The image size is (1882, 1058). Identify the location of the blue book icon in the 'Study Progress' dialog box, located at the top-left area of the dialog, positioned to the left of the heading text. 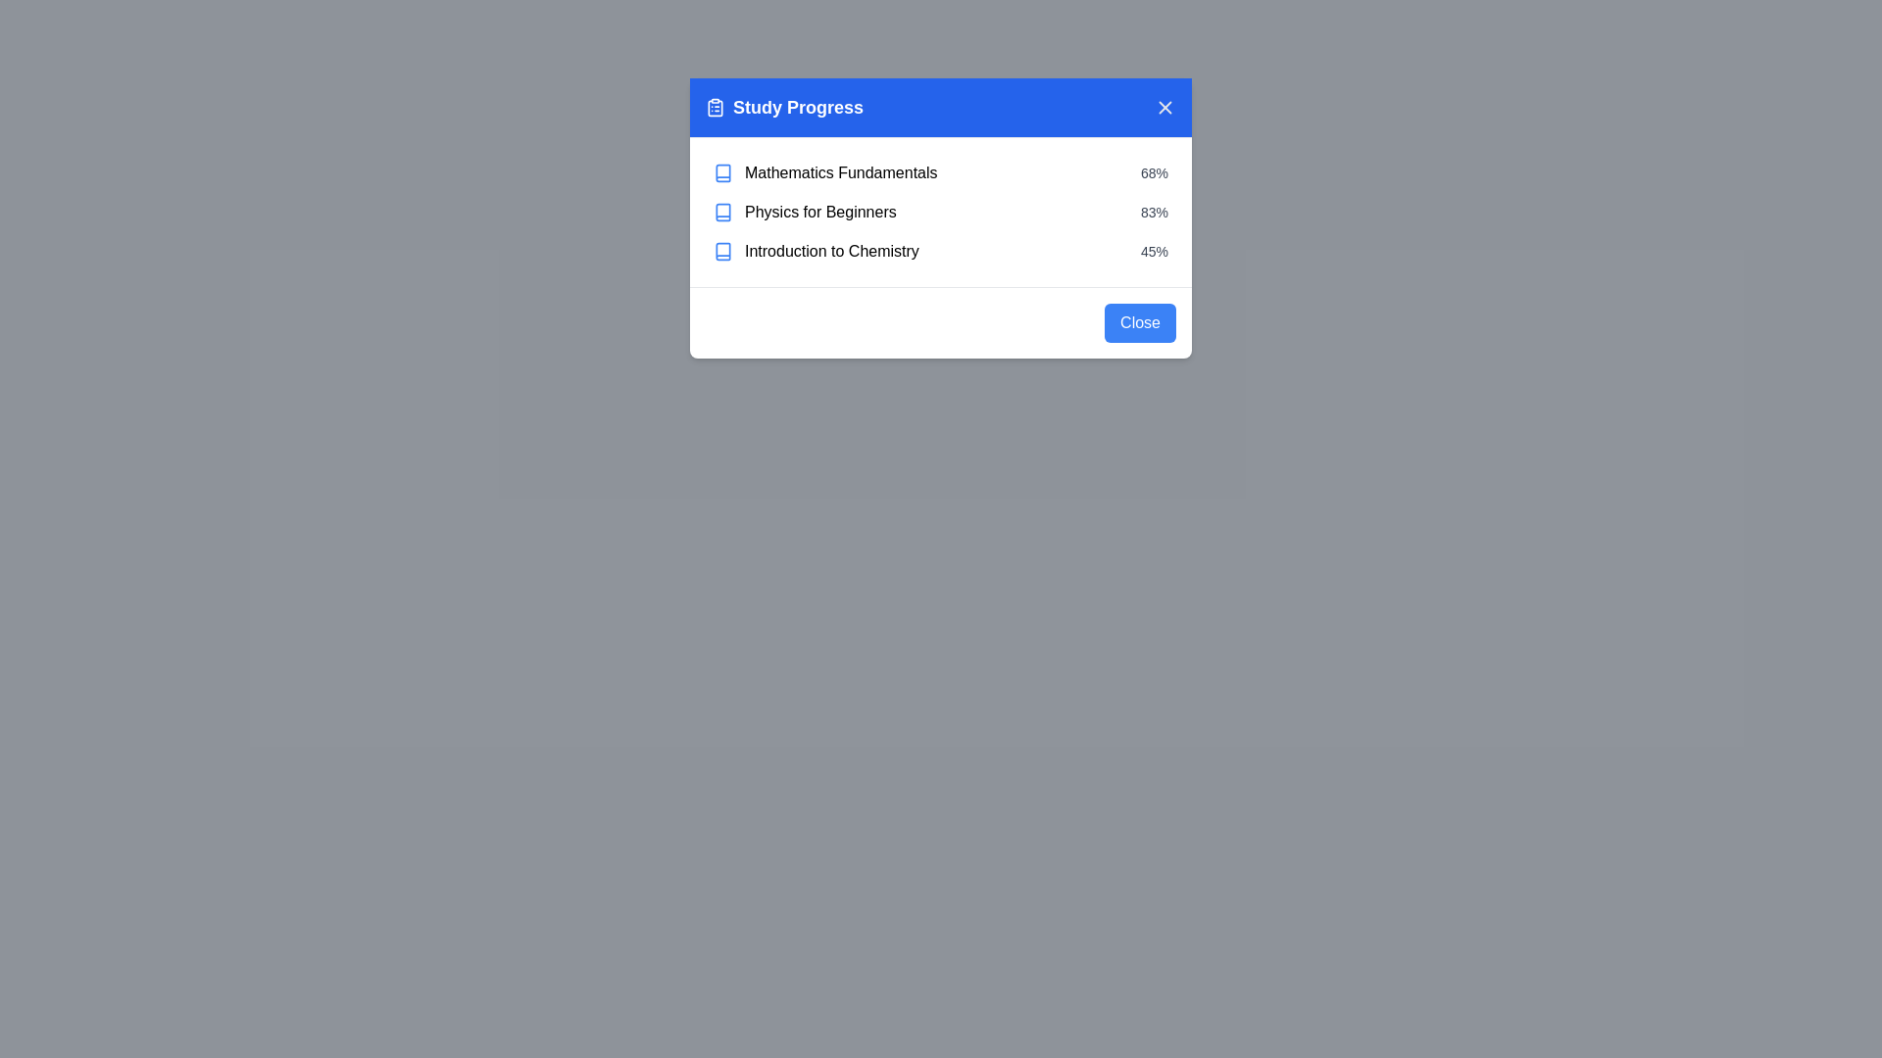
(722, 172).